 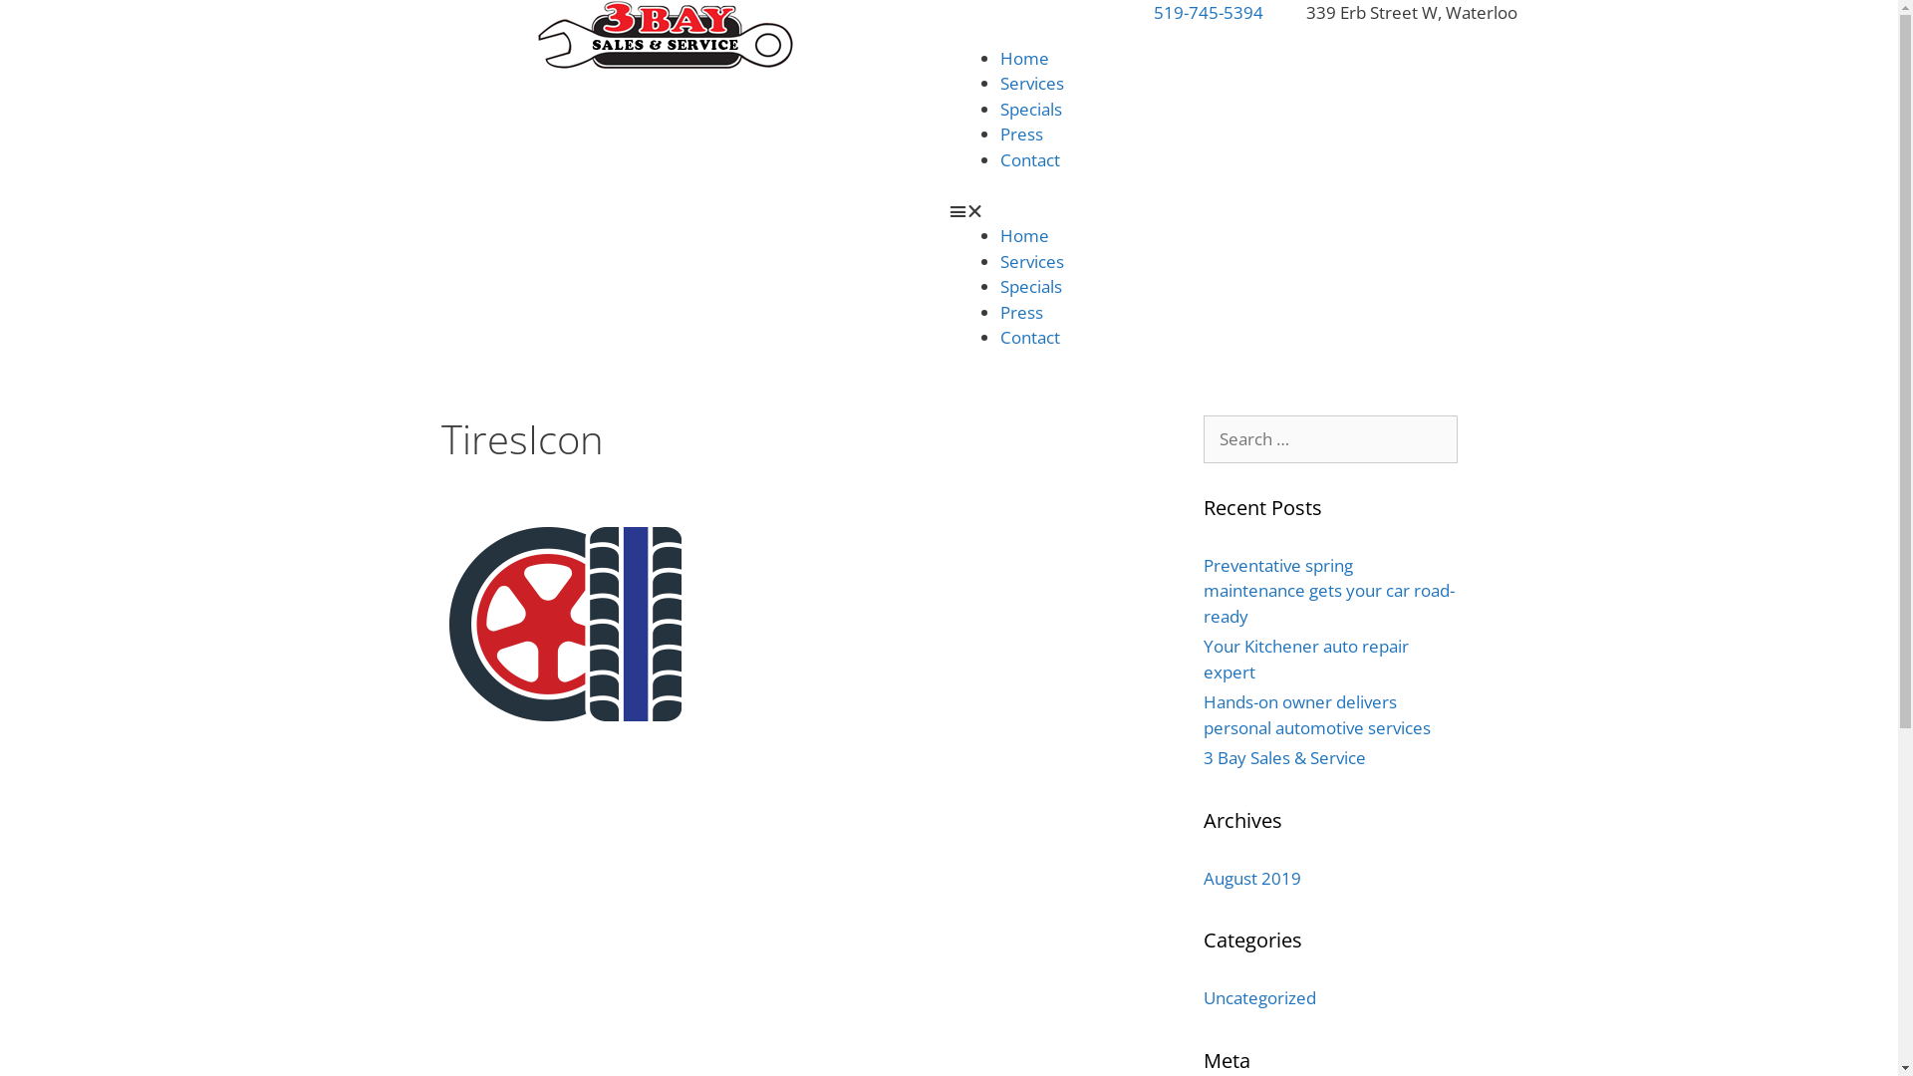 What do you see at coordinates (1316, 713) in the screenshot?
I see `'Hands-on owner delivers personal automotive services'` at bounding box center [1316, 713].